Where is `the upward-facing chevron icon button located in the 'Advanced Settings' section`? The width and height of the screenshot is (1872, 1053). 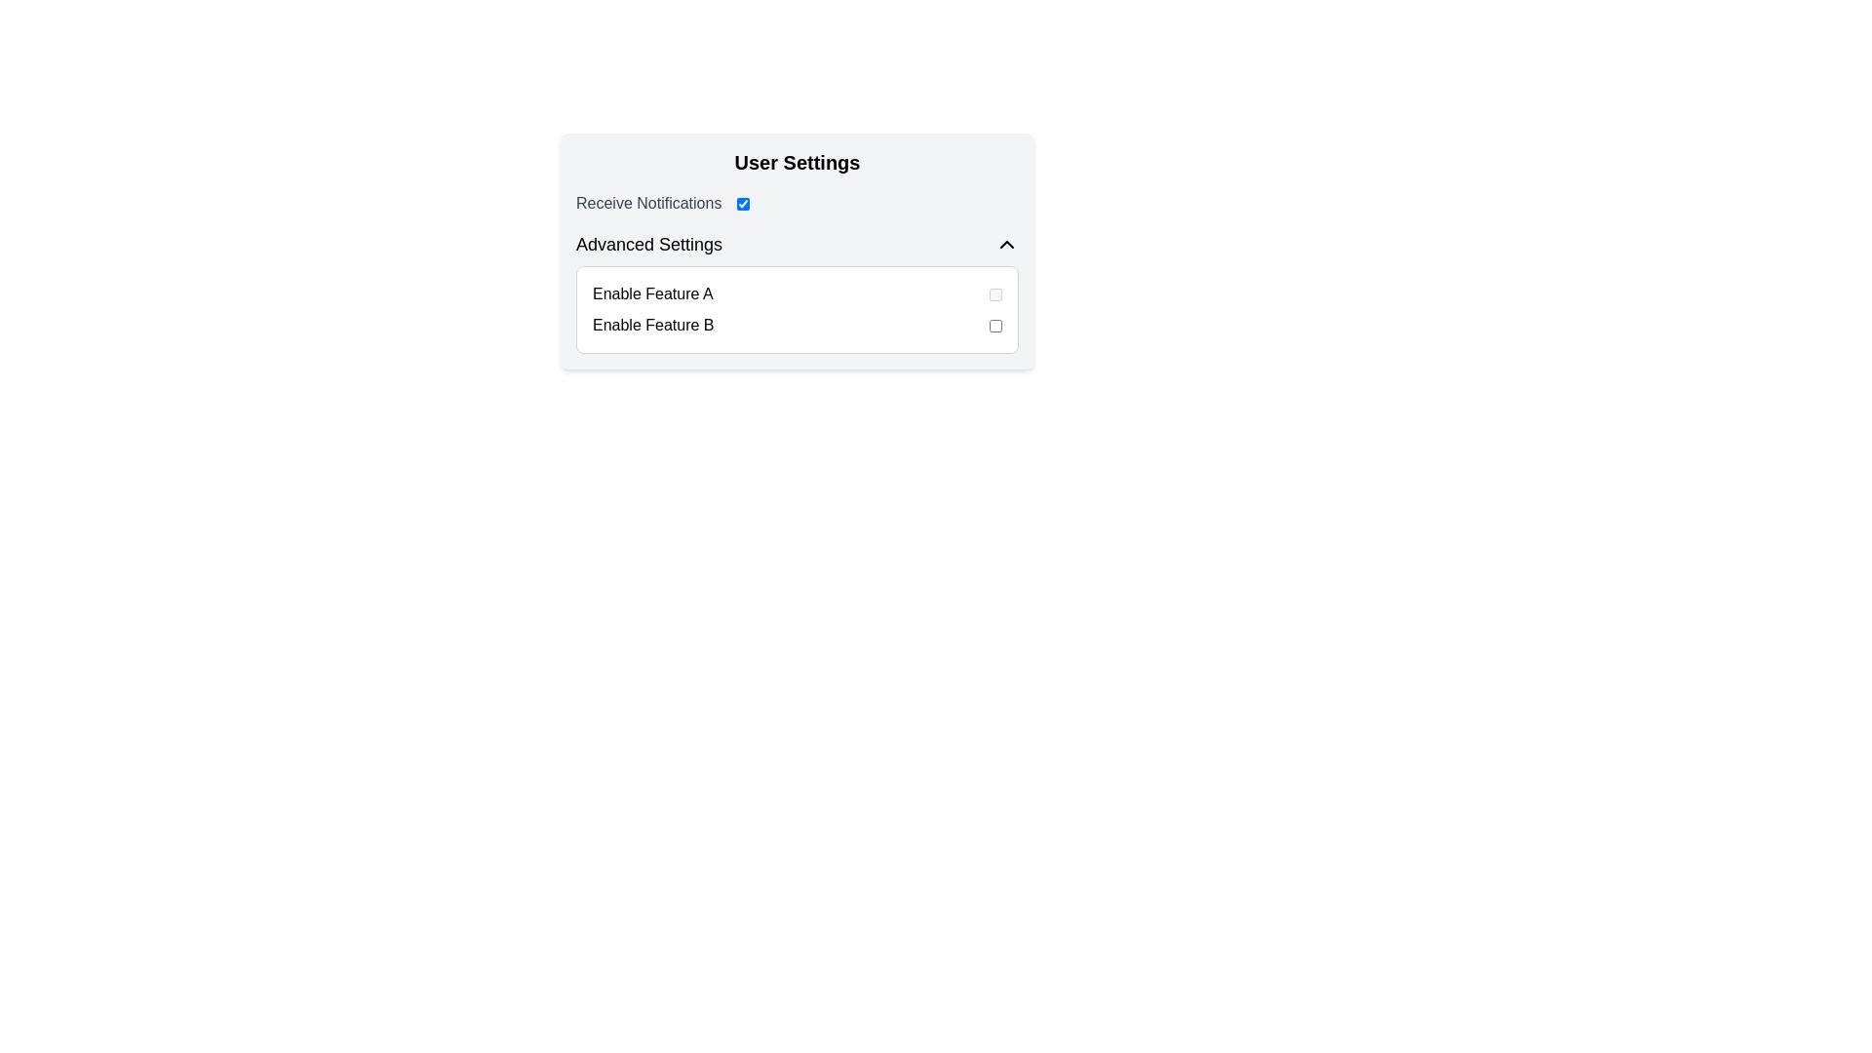
the upward-facing chevron icon button located in the 'Advanced Settings' section is located at coordinates (1006, 243).